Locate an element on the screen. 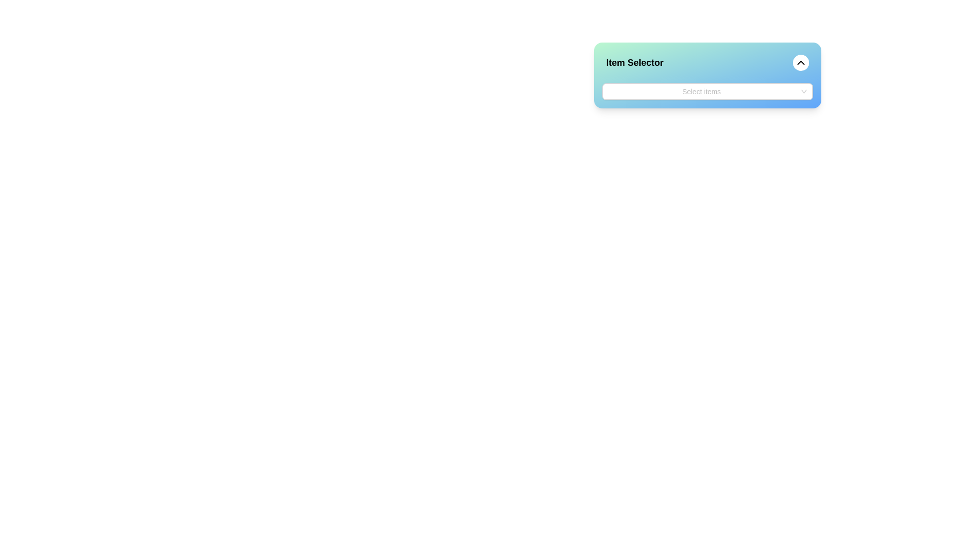  the dropdown arrow in the 'Select items' dropdown box located in the blue gradient header labeled 'Item Selector' is located at coordinates (707, 92).